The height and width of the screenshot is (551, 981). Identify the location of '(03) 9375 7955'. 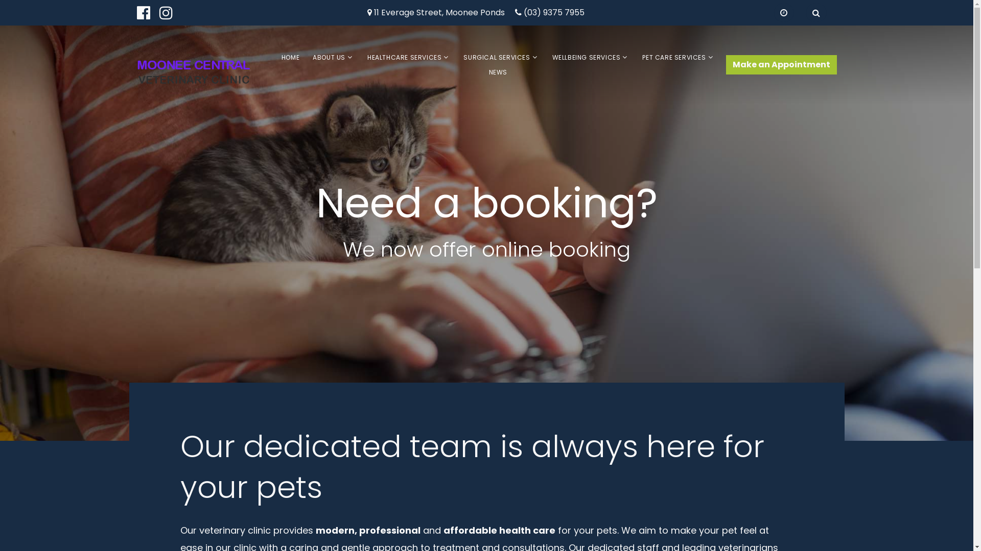
(553, 13).